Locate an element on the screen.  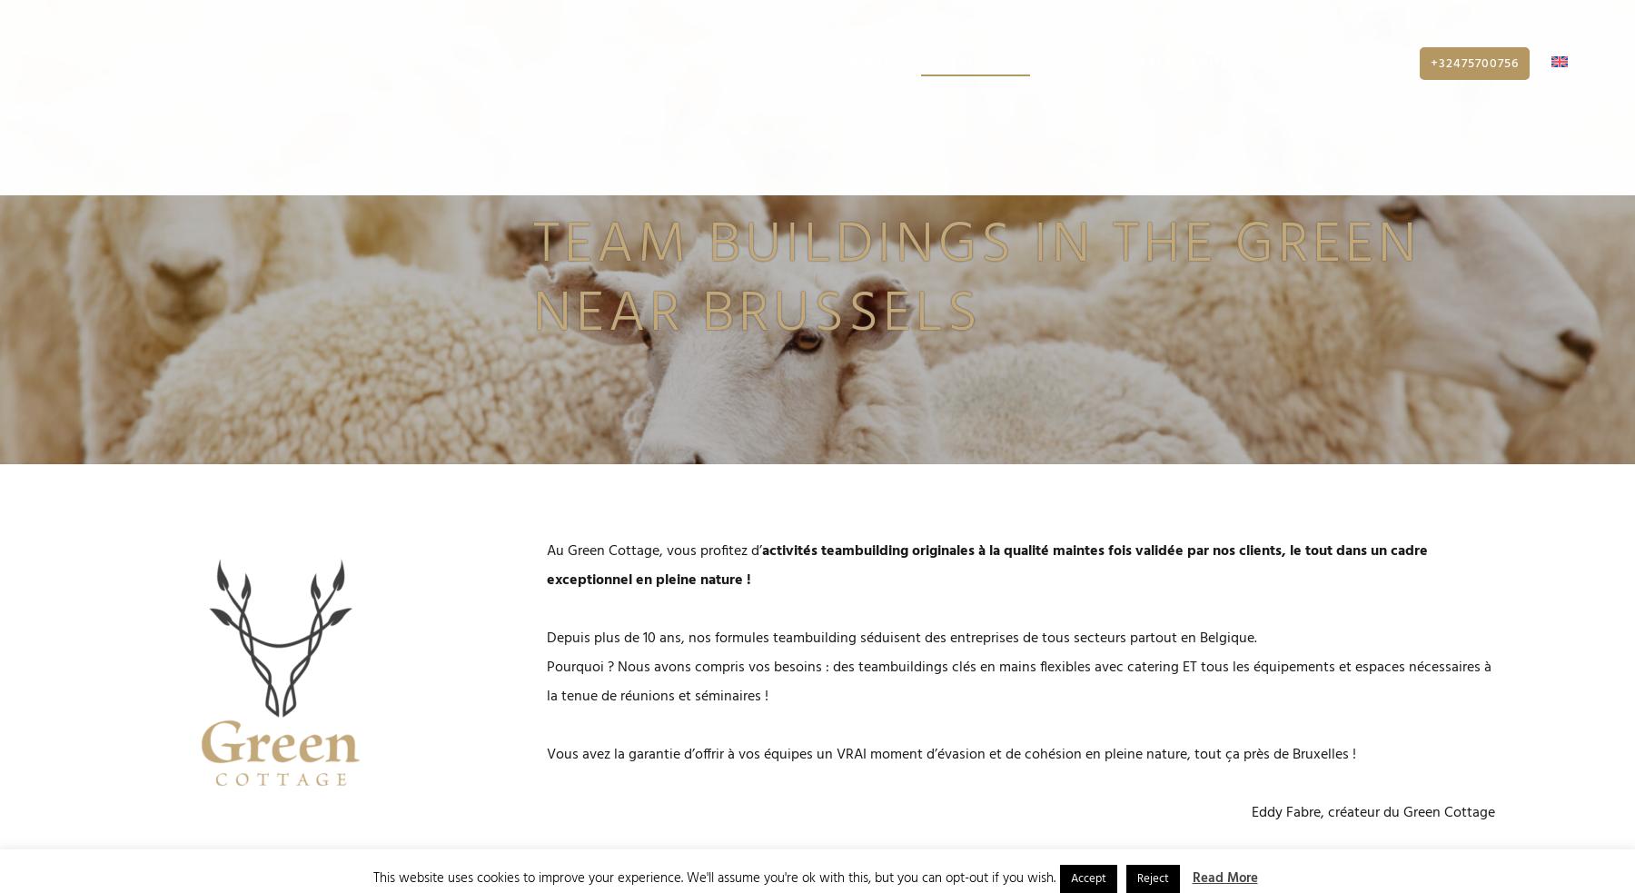
'Read More' is located at coordinates (1224, 878).